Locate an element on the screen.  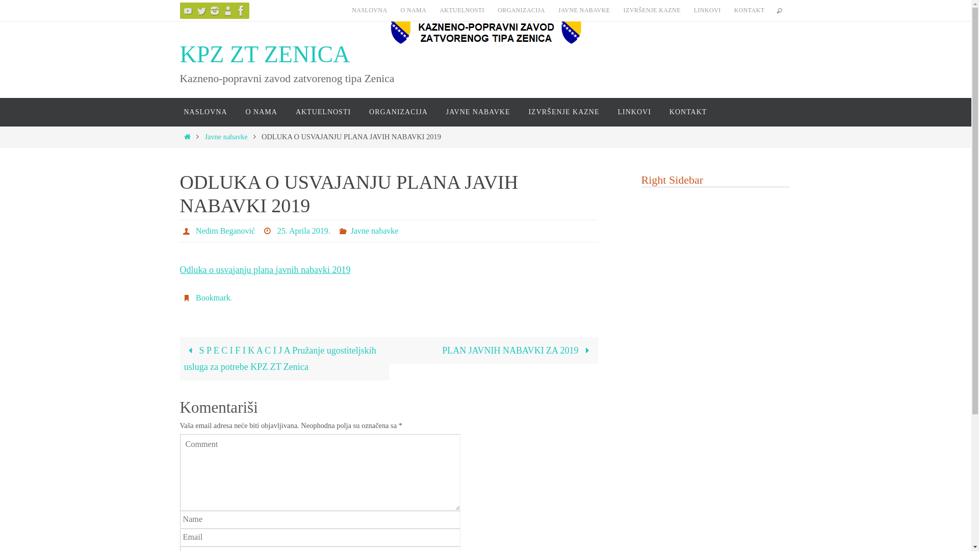
'PLAN JAVNIH NABAVKI ZA 2019' is located at coordinates (493, 349).